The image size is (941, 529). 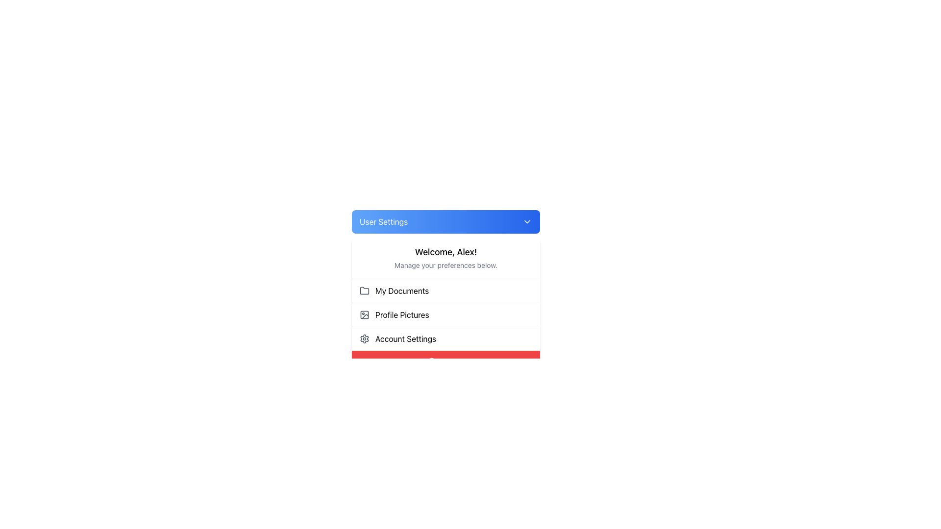 What do you see at coordinates (446, 337) in the screenshot?
I see `the 'Account Settings' list item, which is the third entry in the User Settings menu` at bounding box center [446, 337].